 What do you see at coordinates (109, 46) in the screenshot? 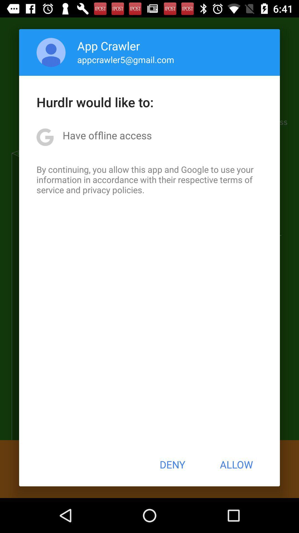
I see `app crawler` at bounding box center [109, 46].